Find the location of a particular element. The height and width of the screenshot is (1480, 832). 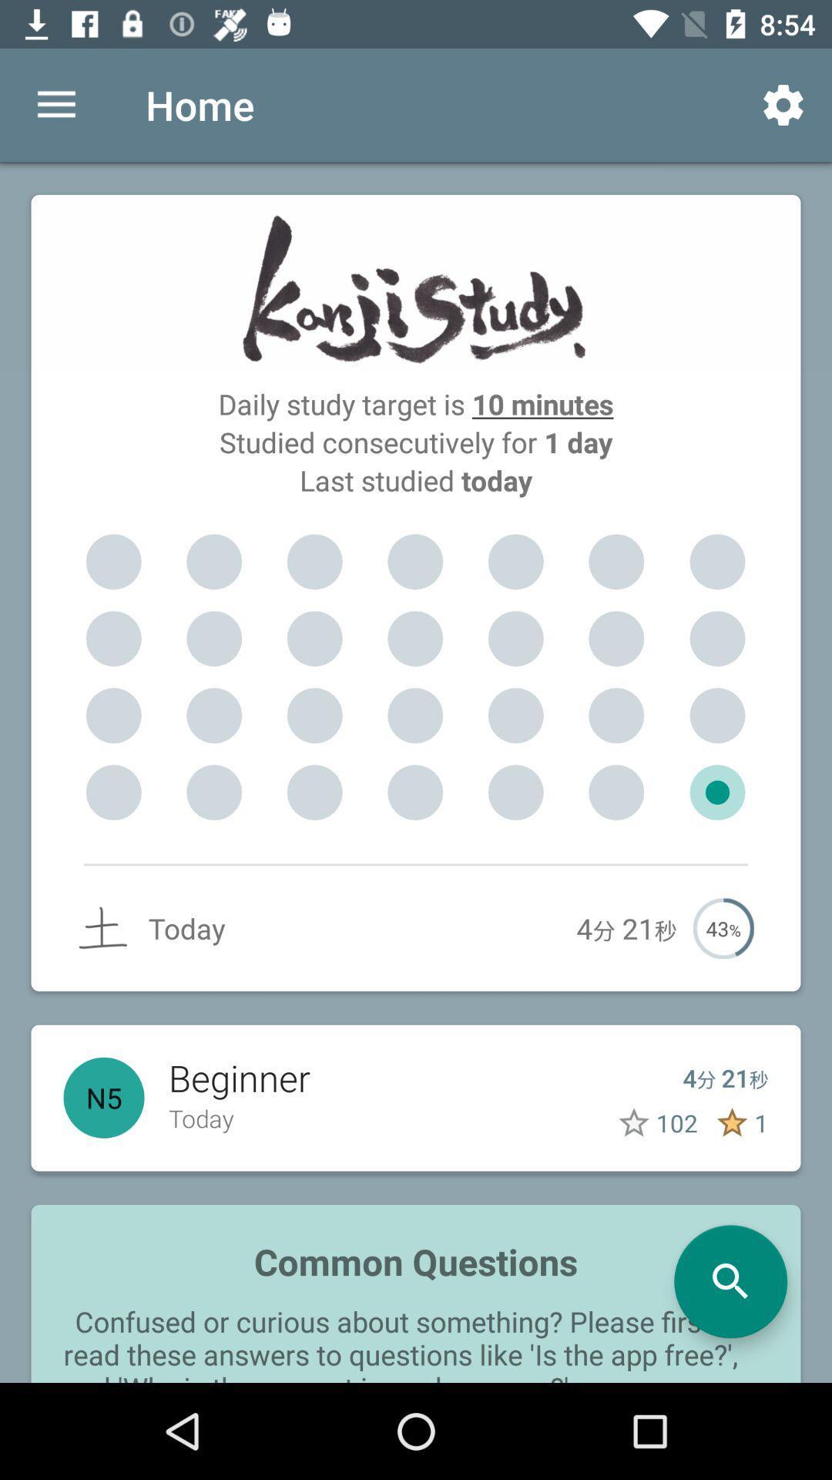

the item below the last studied today is located at coordinates (112, 561).